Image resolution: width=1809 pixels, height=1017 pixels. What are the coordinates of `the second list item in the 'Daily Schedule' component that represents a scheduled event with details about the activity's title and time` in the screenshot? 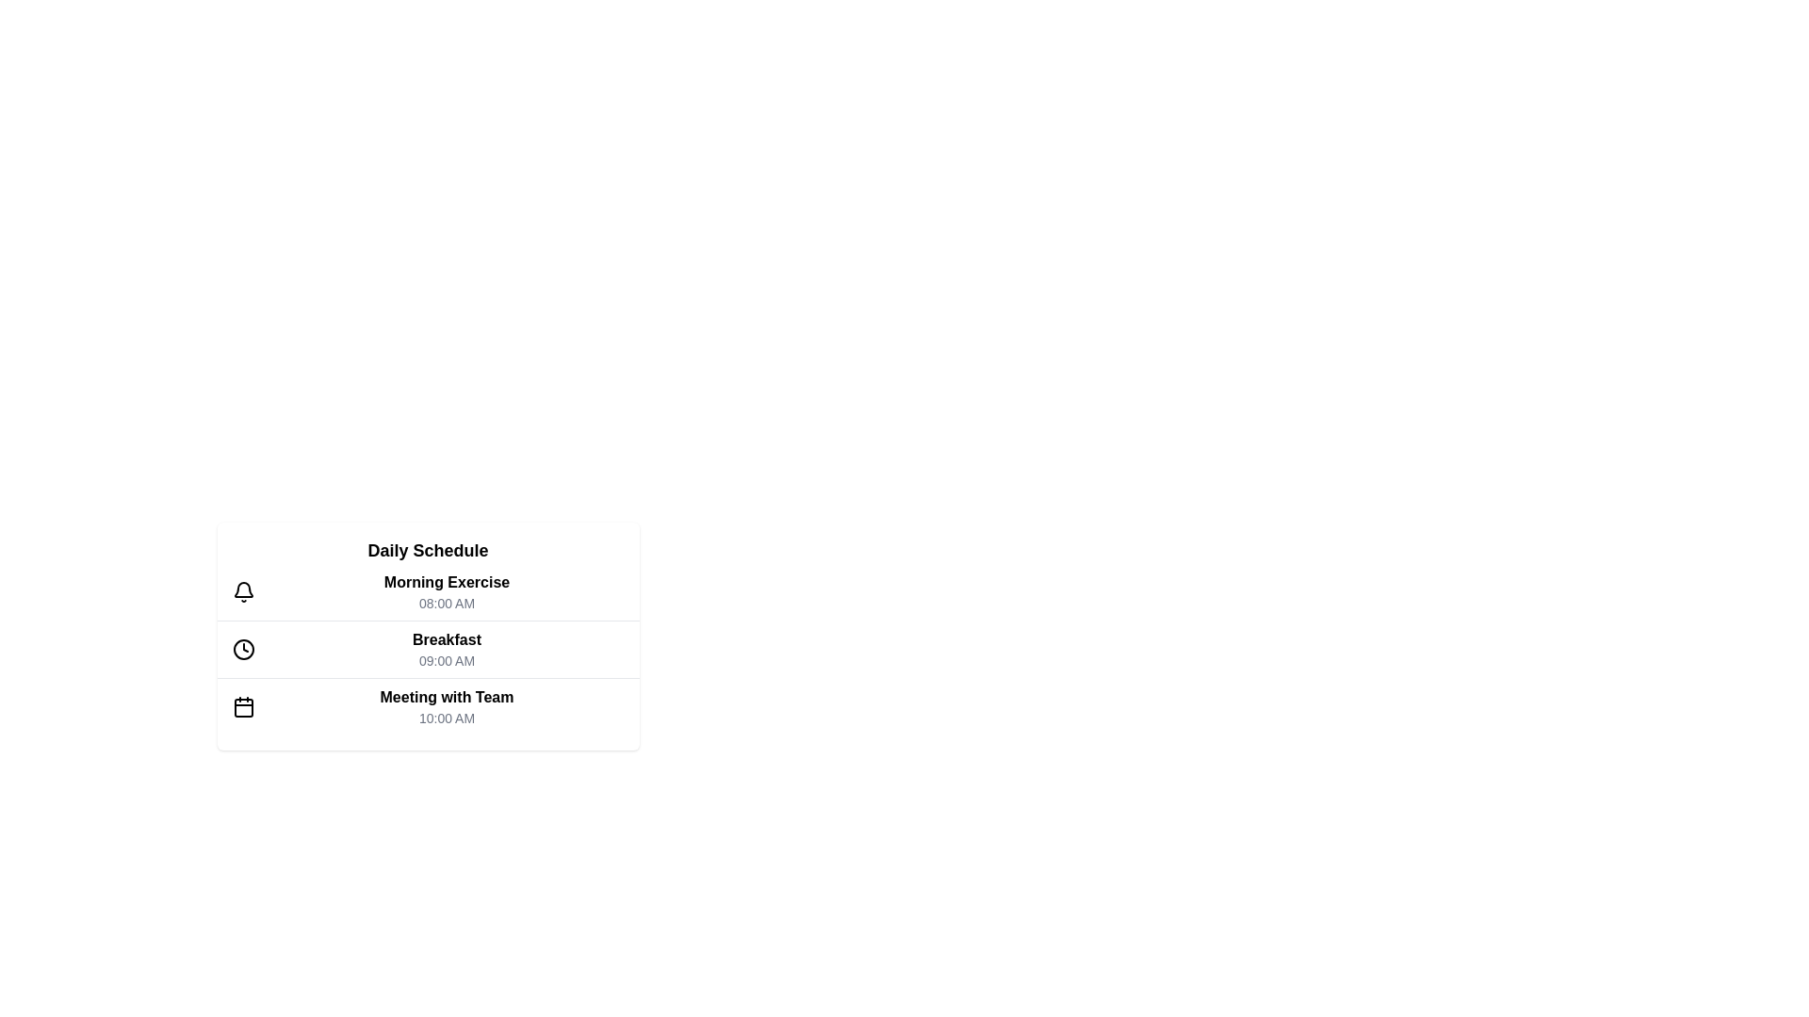 It's located at (427, 649).